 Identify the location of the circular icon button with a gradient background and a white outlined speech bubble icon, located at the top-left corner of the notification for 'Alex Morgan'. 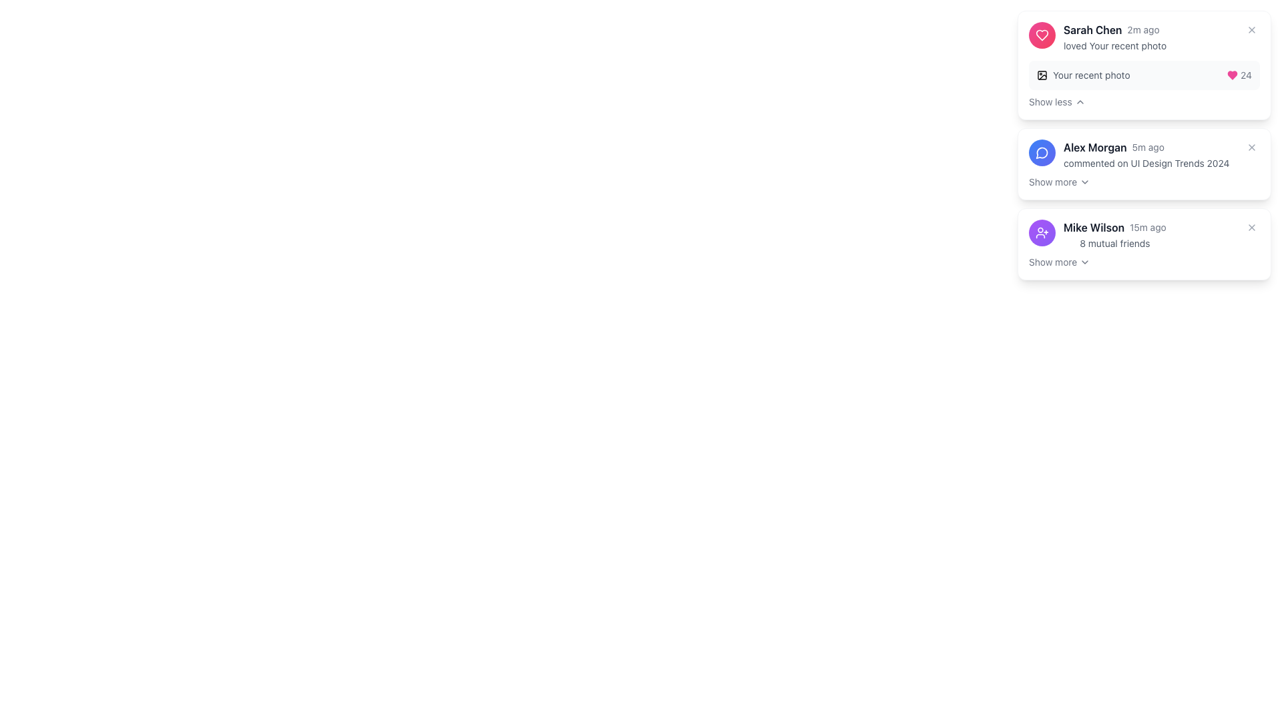
(1041, 152).